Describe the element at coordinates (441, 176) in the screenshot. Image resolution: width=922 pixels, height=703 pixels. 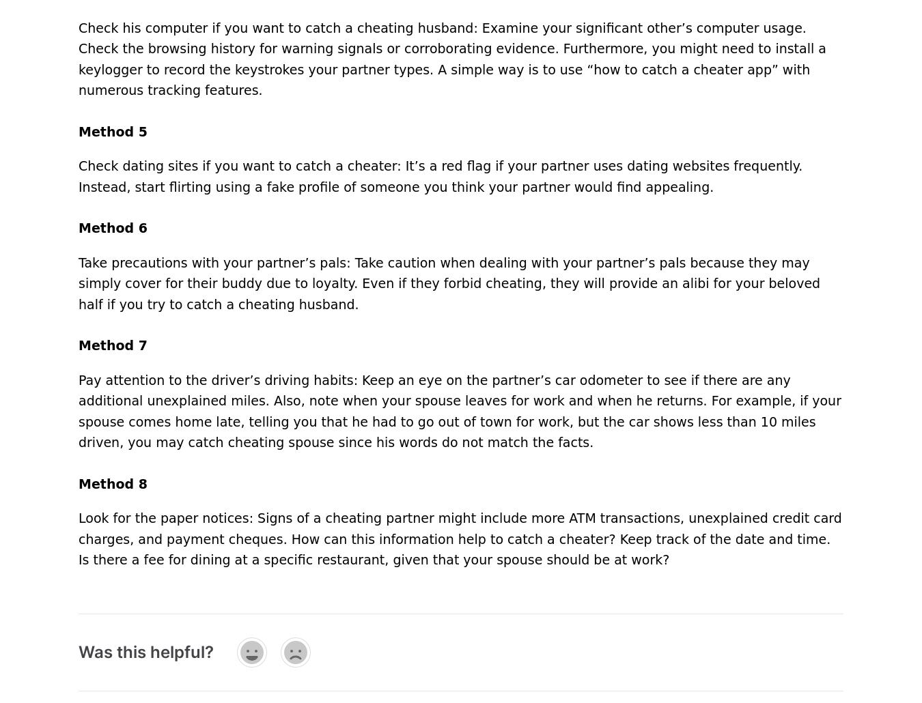
I see `'Check dating sites if you want to catch a cheater: It’s a red flag if your partner uses dating websites frequently. Instead, start flirting using a fake profile of someone you think your partner would find appealing.'` at that location.